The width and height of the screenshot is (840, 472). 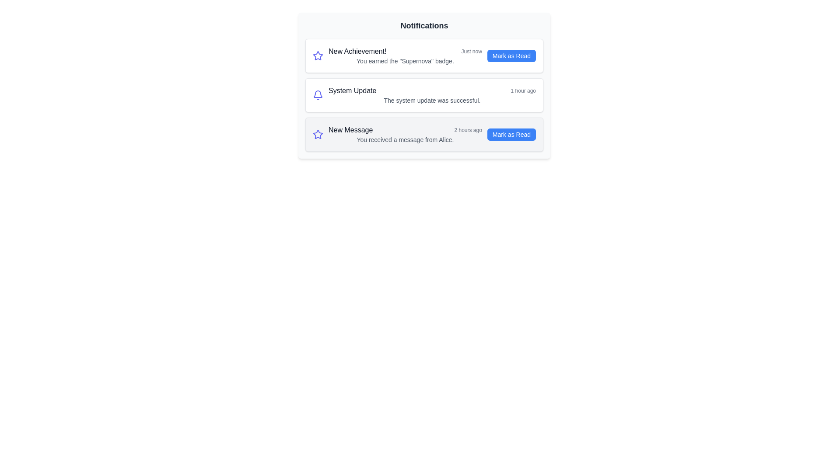 I want to click on the static text informing the user about earning a specific badge, located below the heading 'New Achievement!' and timestamp 'Just now' within the first notification card, so click(x=405, y=60).